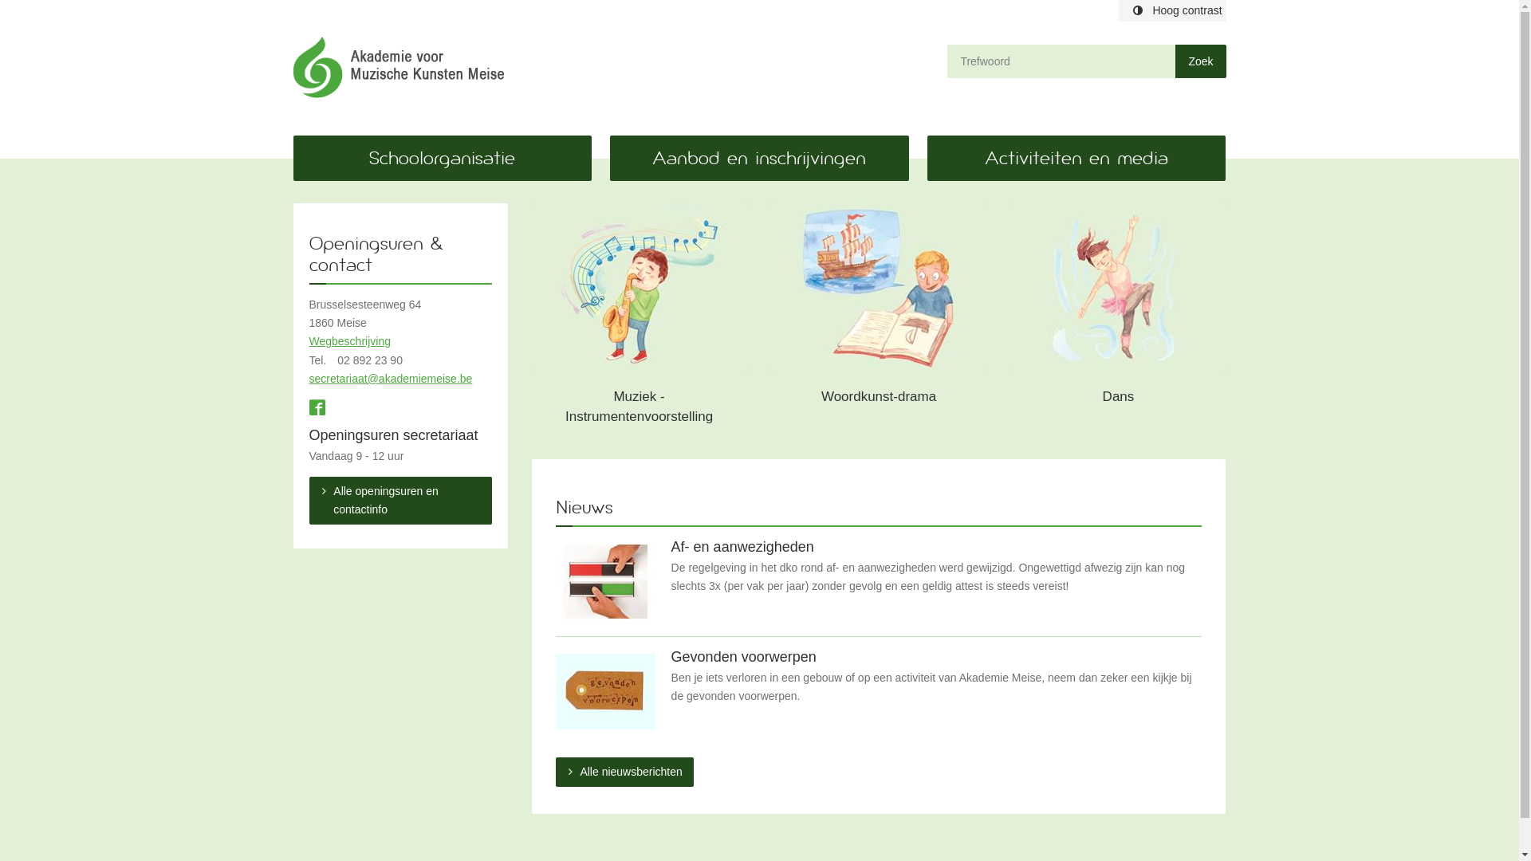 The width and height of the screenshot is (1531, 861). Describe the element at coordinates (400, 500) in the screenshot. I see `'Alle openingsuren en contactinfo'` at that location.